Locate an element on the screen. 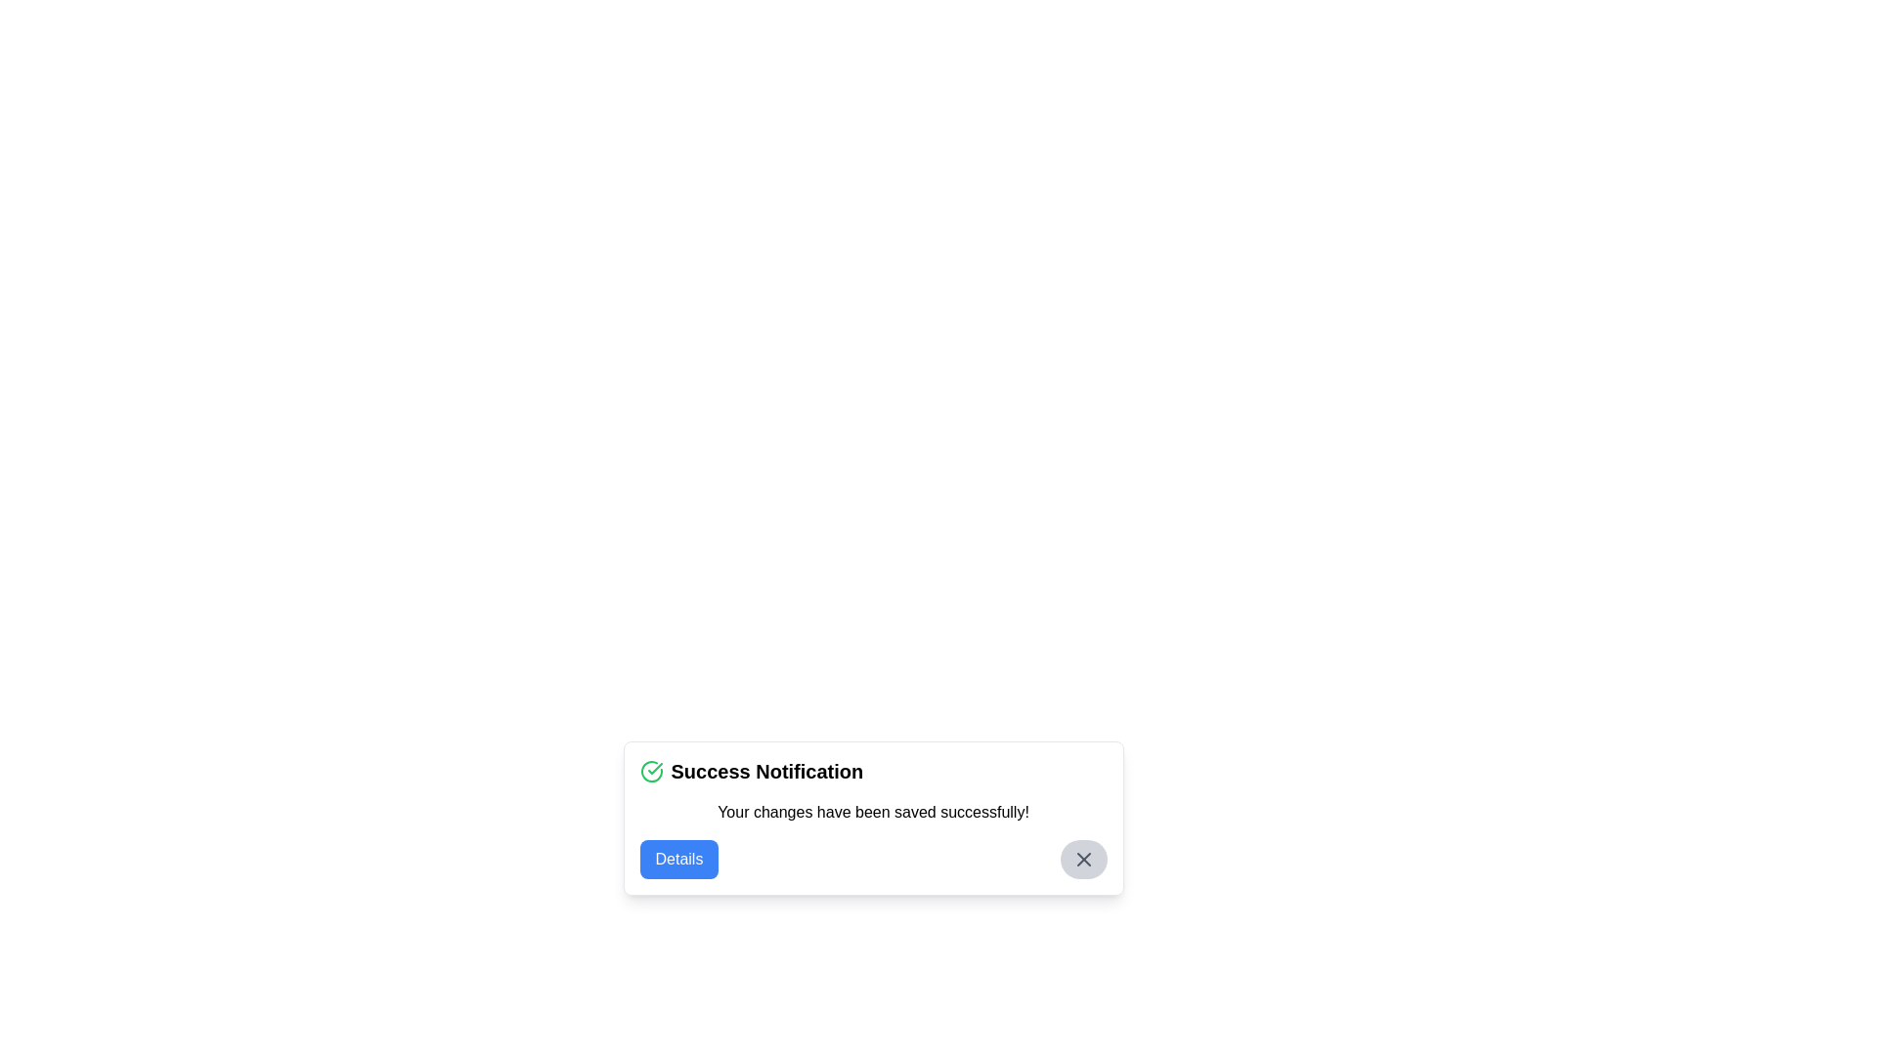 The height and width of the screenshot is (1055, 1877). the static text element displaying the message 'Your changes have been saved successfully!' located within the notification dialog box is located at coordinates (872, 813).